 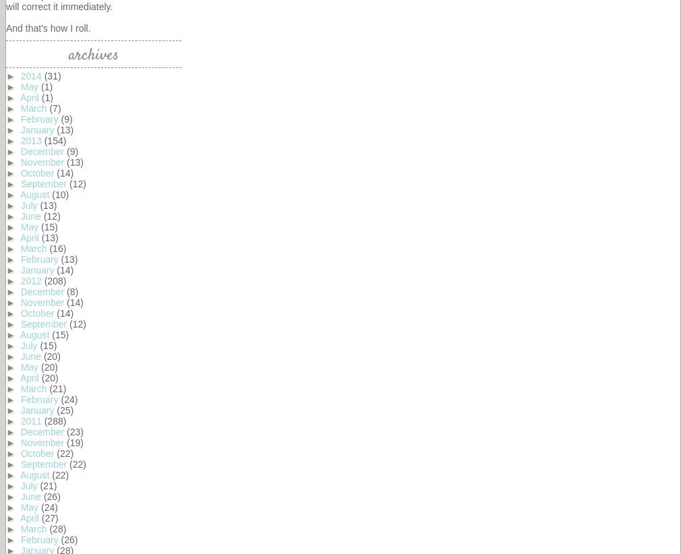 I want to click on '(8)', so click(x=71, y=291).